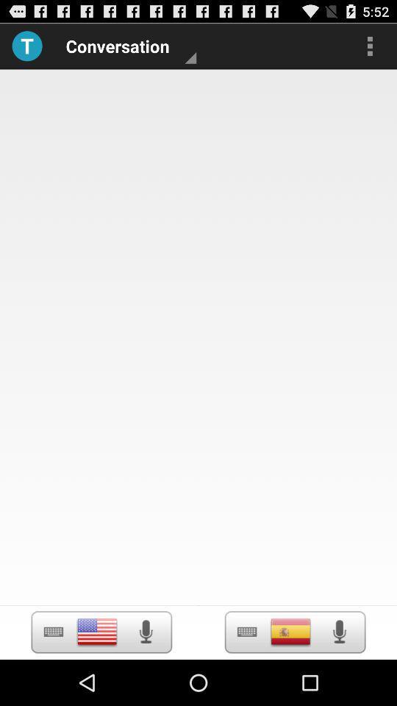 This screenshot has height=706, width=397. I want to click on keyboard, so click(52, 631).